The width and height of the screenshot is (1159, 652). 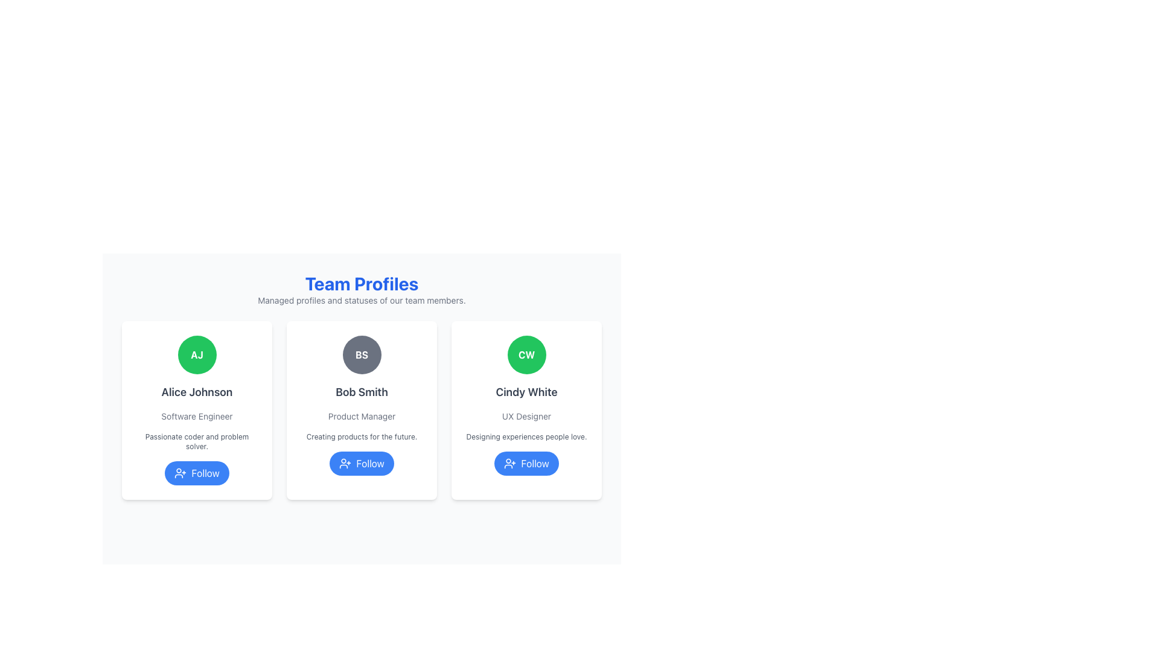 I want to click on the follow button located at the bottom of Bob Smith's profile card to establish a connection, so click(x=361, y=462).